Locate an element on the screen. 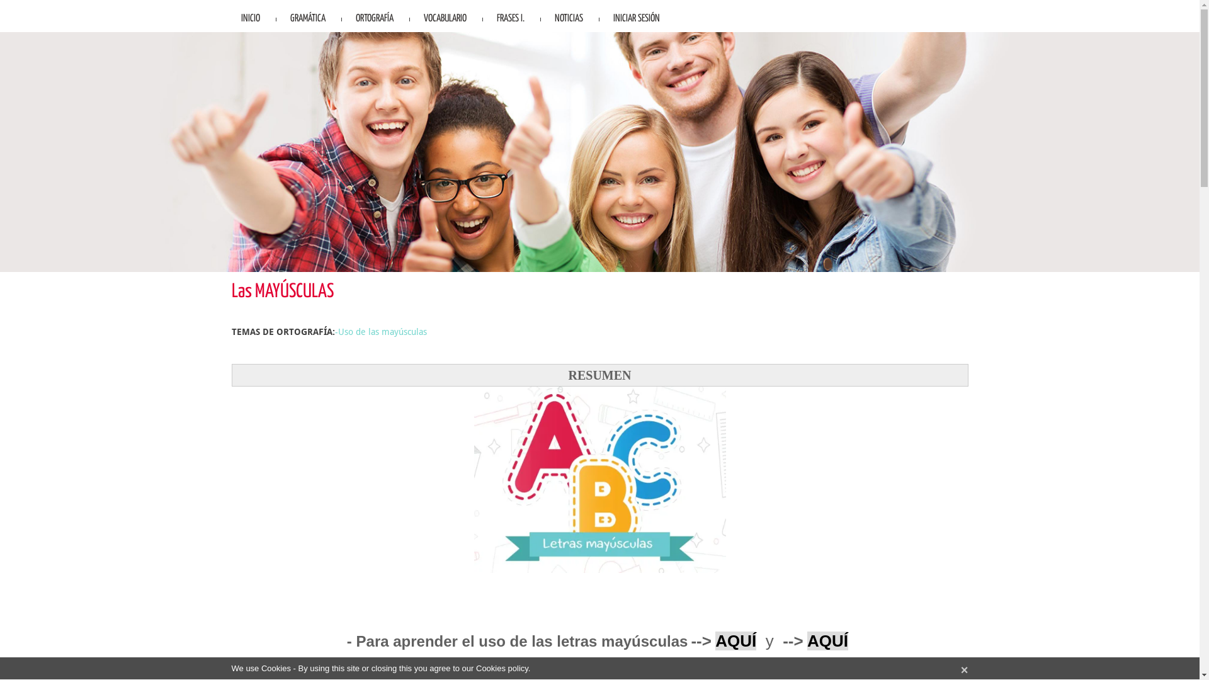  'INICIO' is located at coordinates (232, 16).